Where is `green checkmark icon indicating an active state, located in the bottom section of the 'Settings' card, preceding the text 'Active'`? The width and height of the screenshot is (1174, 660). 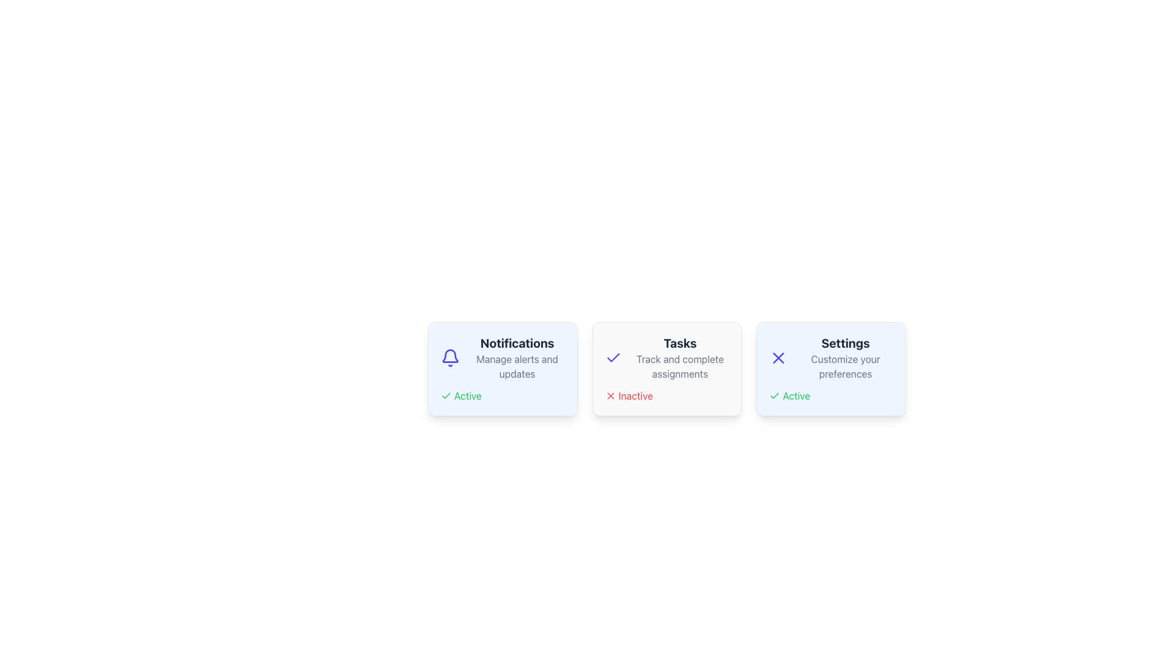 green checkmark icon indicating an active state, located in the bottom section of the 'Settings' card, preceding the text 'Active' is located at coordinates (774, 396).